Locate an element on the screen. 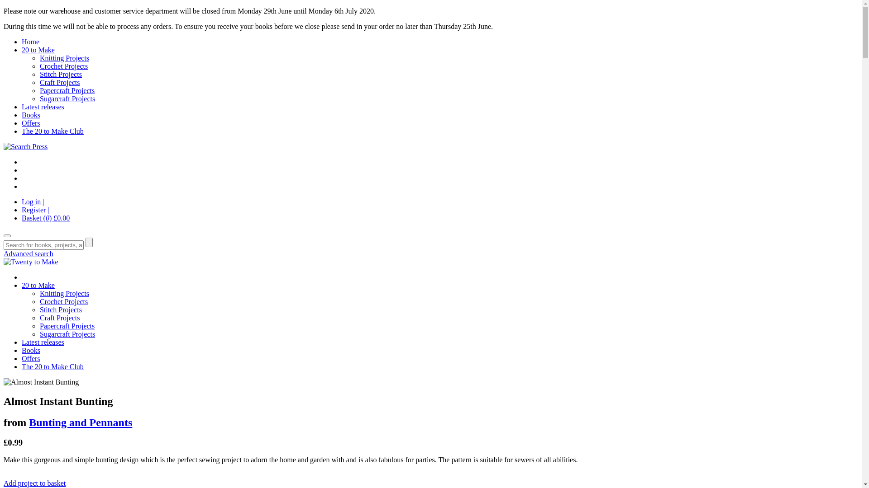 The height and width of the screenshot is (488, 869). 'Papercraft Projects' is located at coordinates (67, 90).